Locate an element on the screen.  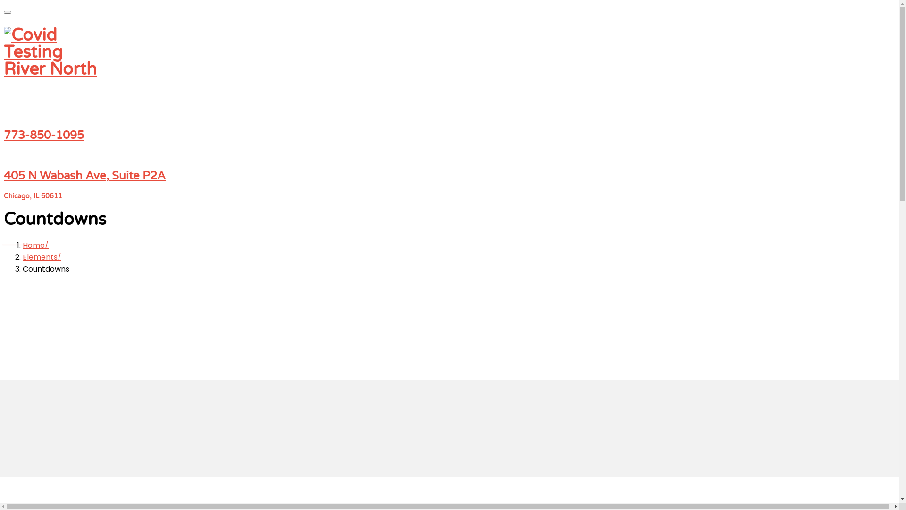
'Elements' is located at coordinates (42, 257).